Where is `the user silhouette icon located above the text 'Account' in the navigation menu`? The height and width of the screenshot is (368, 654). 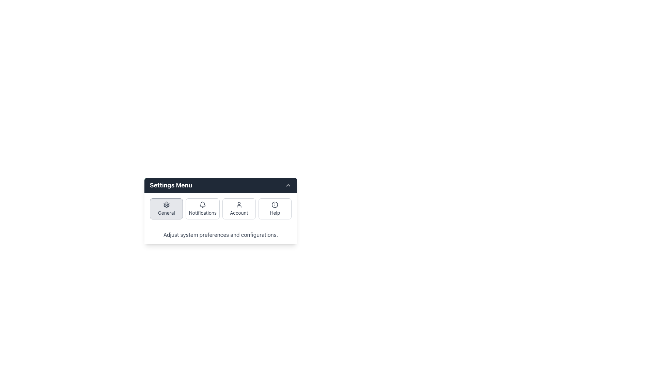 the user silhouette icon located above the text 'Account' in the navigation menu is located at coordinates (239, 204).